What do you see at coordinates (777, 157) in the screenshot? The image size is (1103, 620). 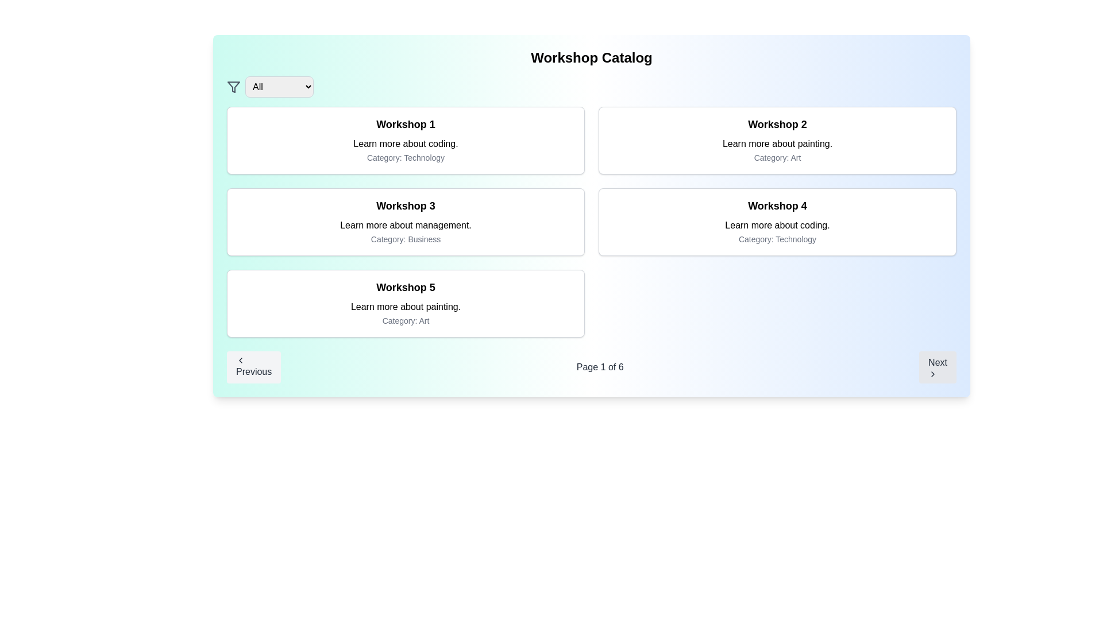 I see `text label 'Category: Art' located at the bottom of the 'Workshop 2' card, which is styled with 'text-sm text-gray-500'` at bounding box center [777, 157].